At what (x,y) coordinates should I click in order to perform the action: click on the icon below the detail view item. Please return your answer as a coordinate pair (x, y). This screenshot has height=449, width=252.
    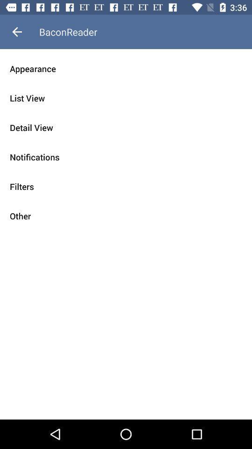
    Looking at the image, I should click on (126, 157).